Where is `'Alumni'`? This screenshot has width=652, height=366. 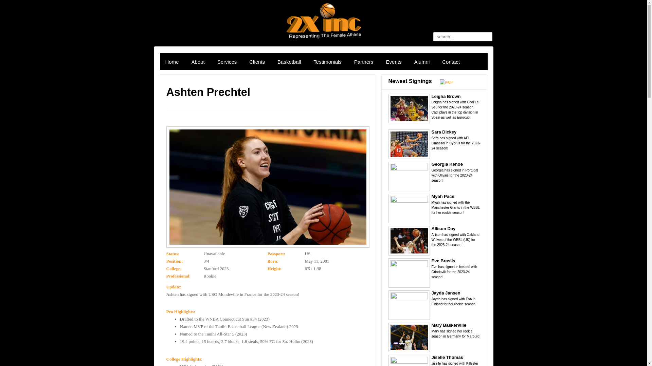 'Alumni' is located at coordinates (421, 62).